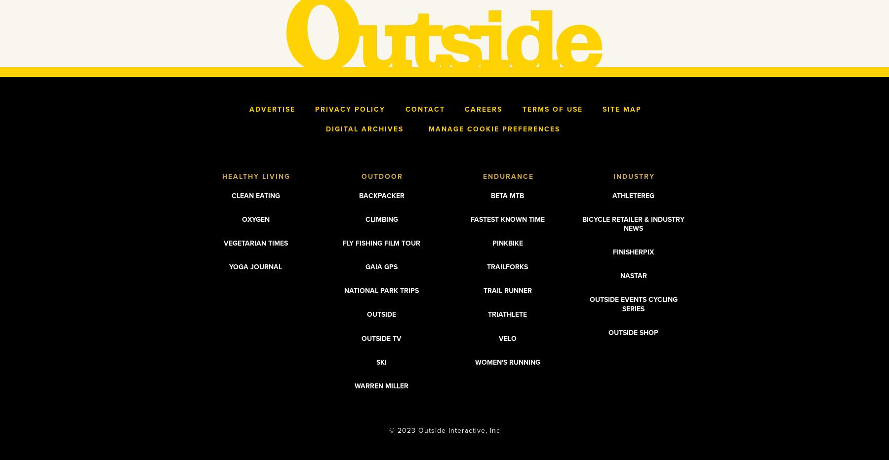  What do you see at coordinates (633, 275) in the screenshot?
I see `'Nastar'` at bounding box center [633, 275].